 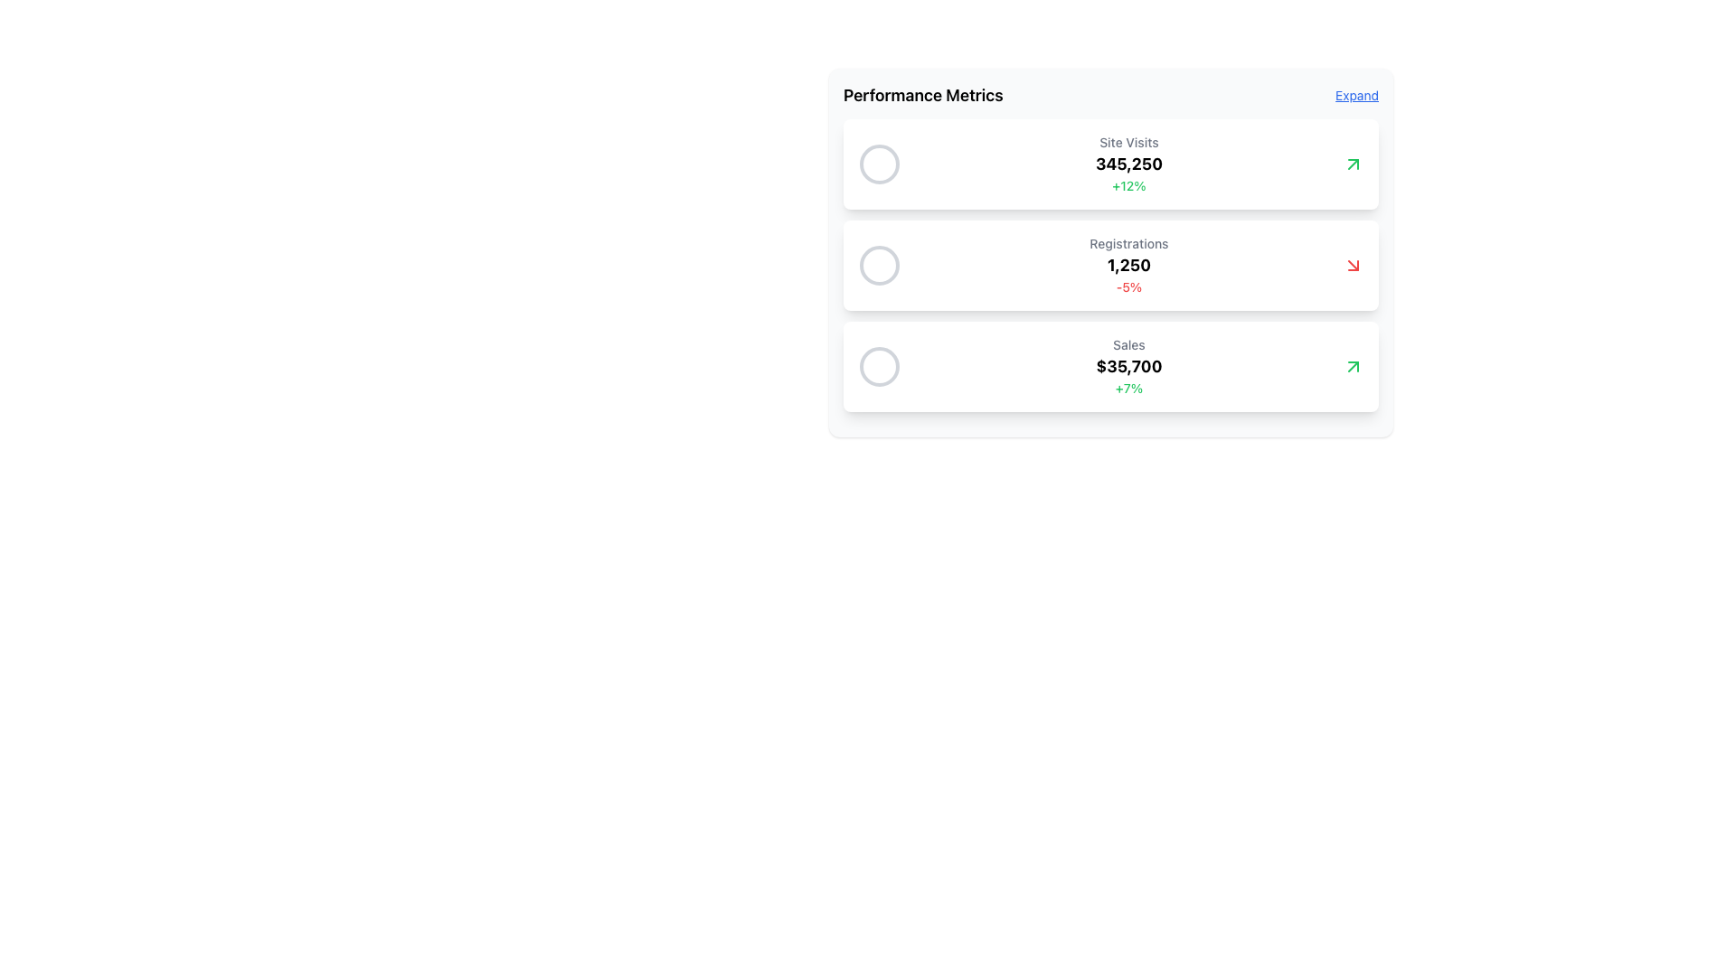 What do you see at coordinates (1127, 366) in the screenshot?
I see `the Text Block displaying sales metrics` at bounding box center [1127, 366].